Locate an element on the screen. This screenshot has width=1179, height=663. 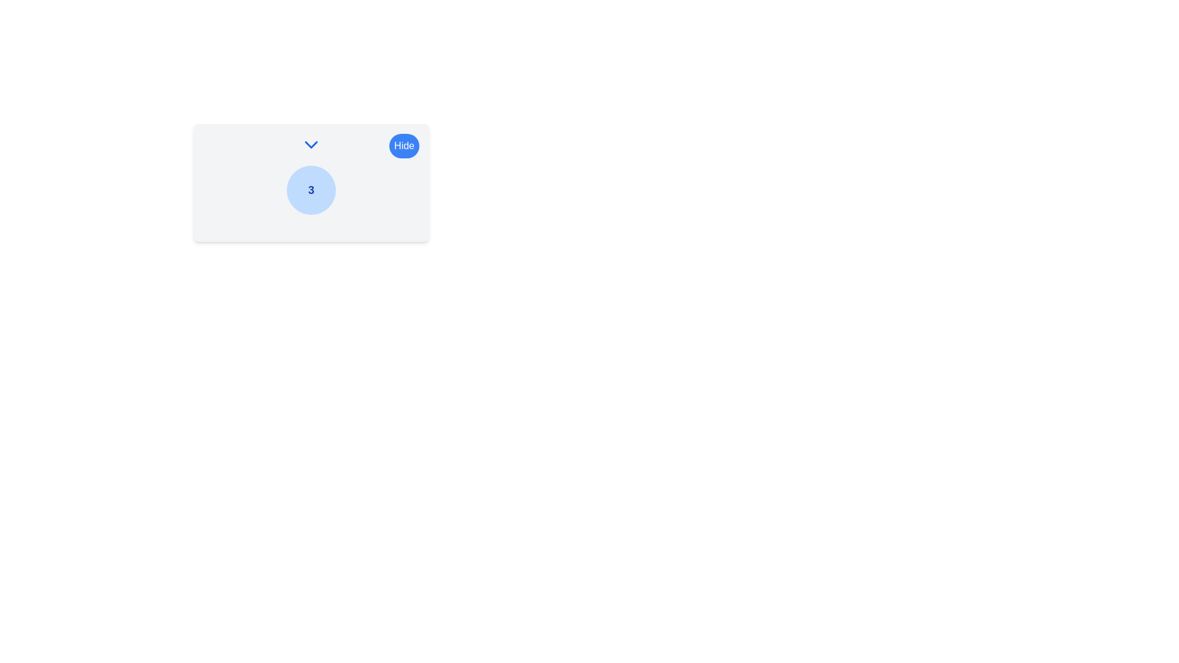
the arrow icon located at the upper-central part of the card section is located at coordinates (311, 144).